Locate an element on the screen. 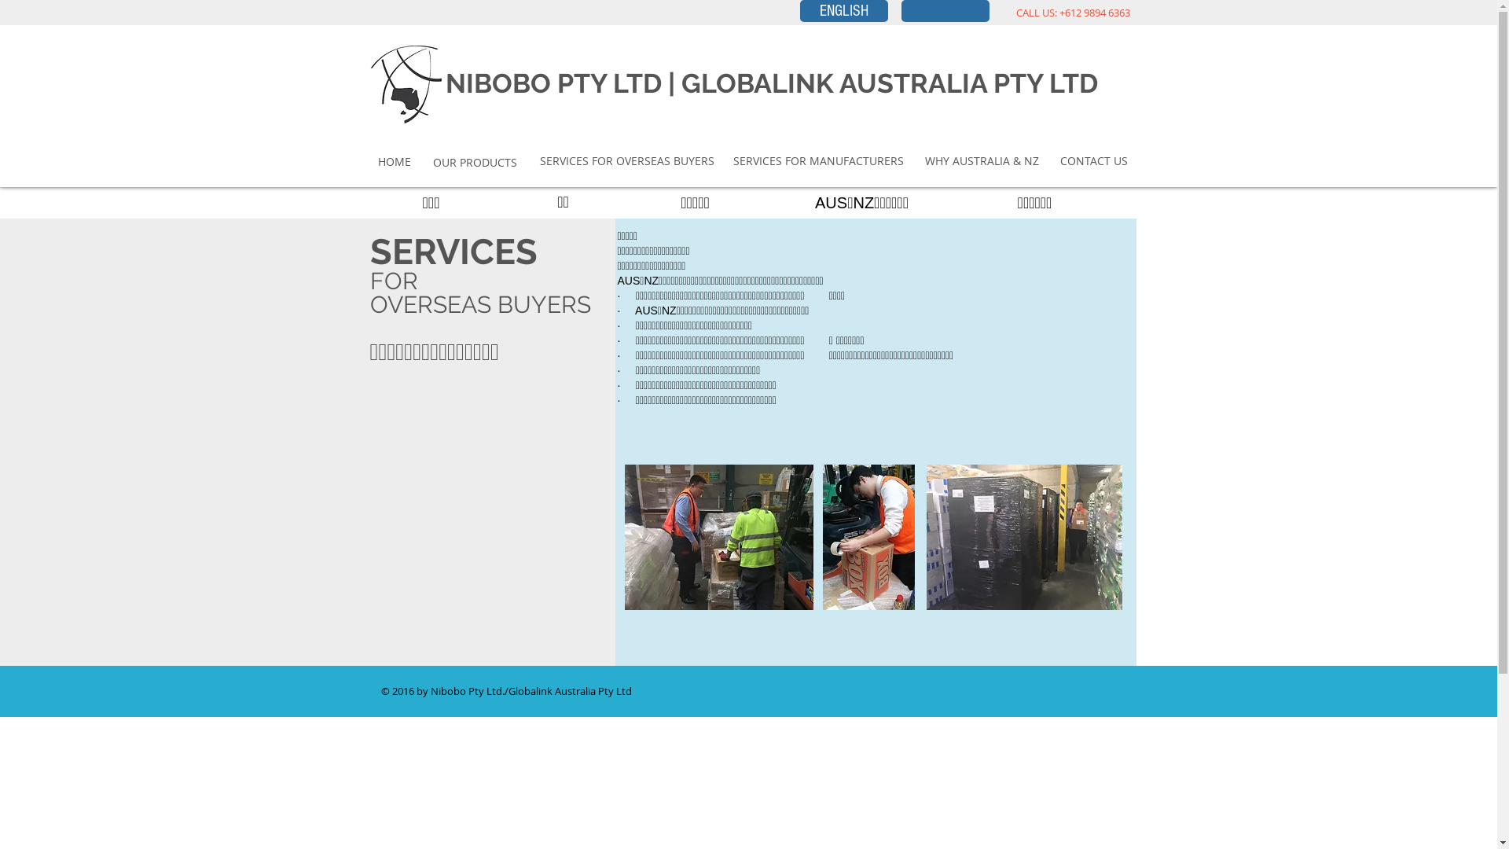 The width and height of the screenshot is (1509, 849). 'CONTACT US' is located at coordinates (1092, 160).